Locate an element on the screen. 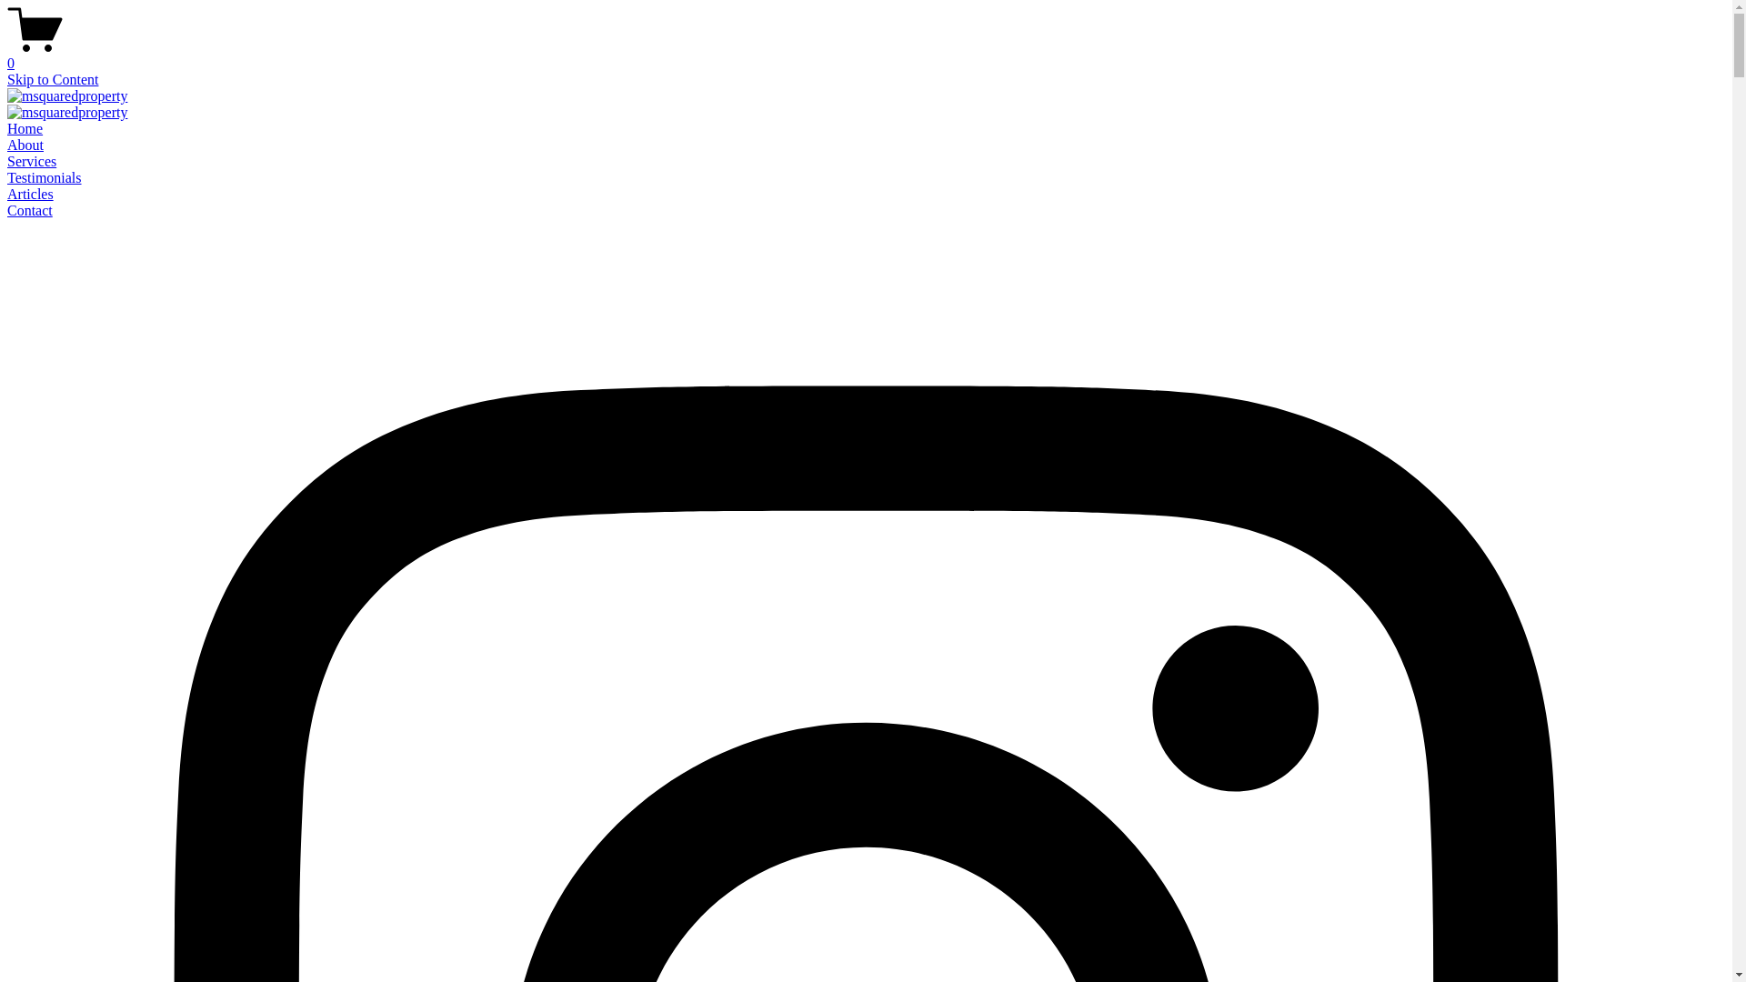  'Contact' is located at coordinates (30, 209).